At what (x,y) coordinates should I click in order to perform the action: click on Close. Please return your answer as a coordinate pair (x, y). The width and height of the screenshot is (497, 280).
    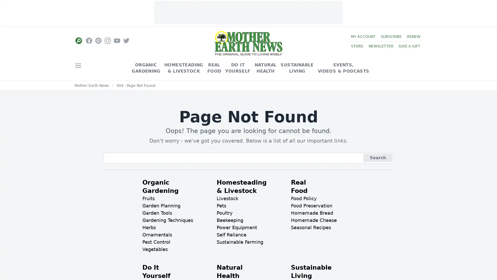
    Looking at the image, I should click on (306, 106).